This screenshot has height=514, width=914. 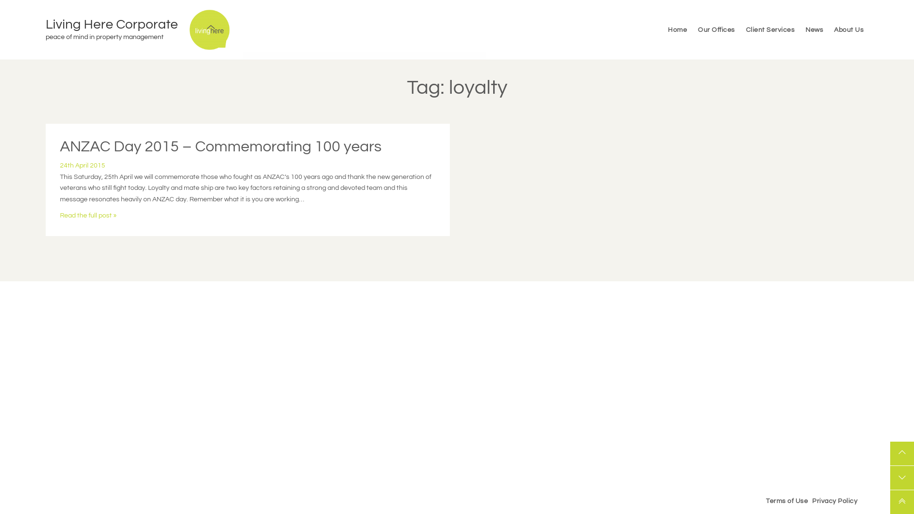 I want to click on '24th April 2015', so click(x=59, y=165).